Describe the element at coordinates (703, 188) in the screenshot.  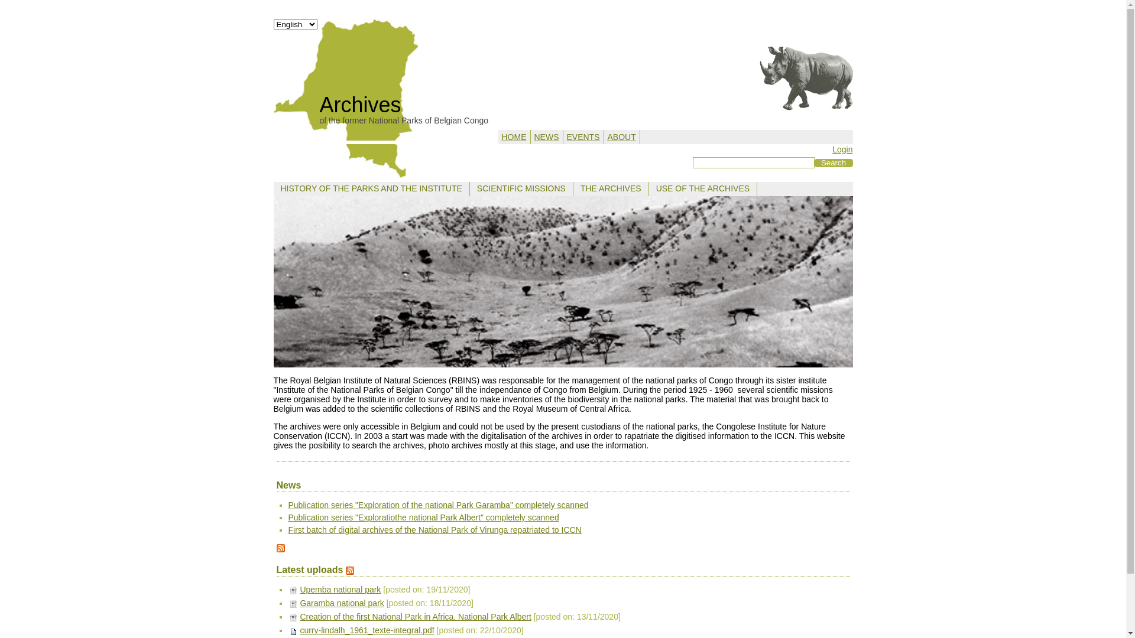
I see `'USE OF THE ARCHIVES'` at that location.